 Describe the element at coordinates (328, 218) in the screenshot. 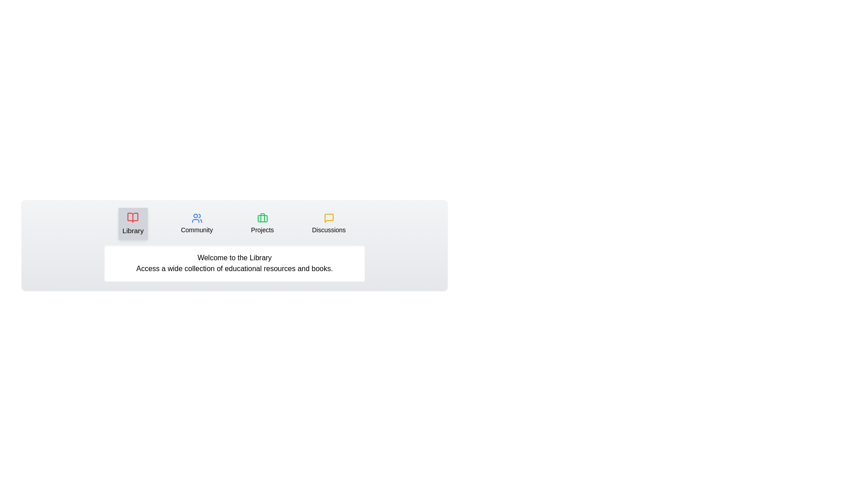

I see `the yellow speech bubble icon that is part of the 'Discussions' navigation button, which is the fourth item in the horizontal menu bar` at that location.